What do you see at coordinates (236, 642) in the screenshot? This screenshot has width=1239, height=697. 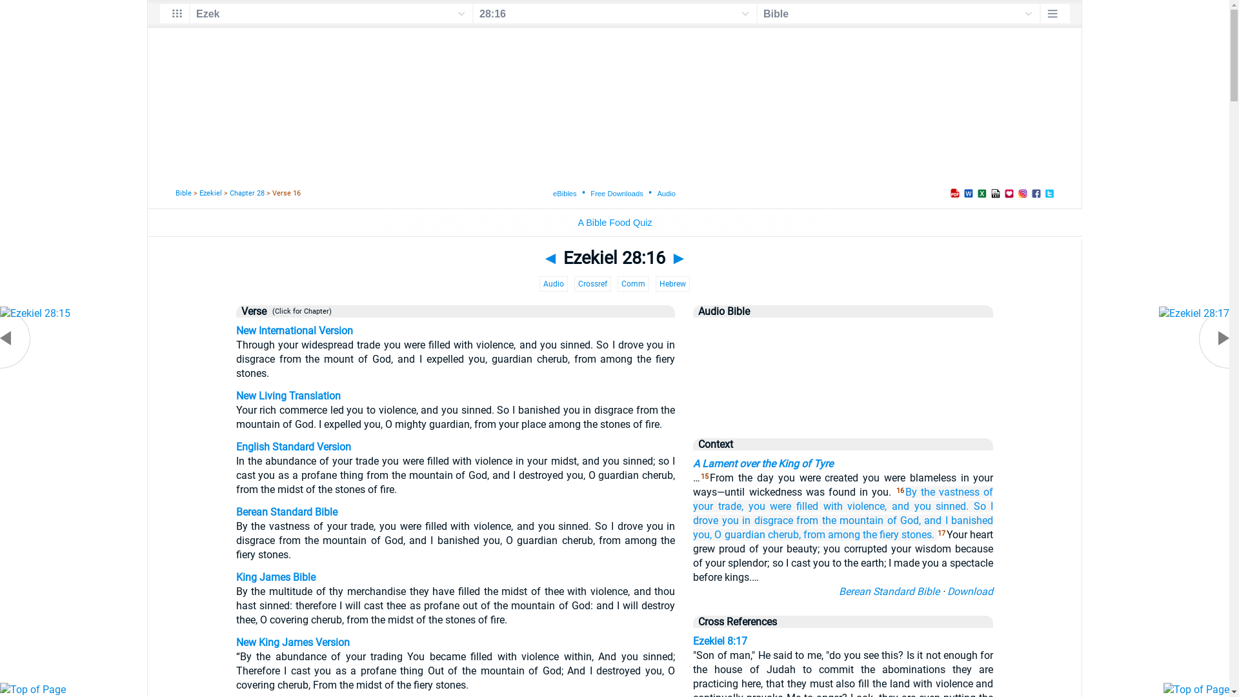 I see `'New King James Version'` at bounding box center [236, 642].